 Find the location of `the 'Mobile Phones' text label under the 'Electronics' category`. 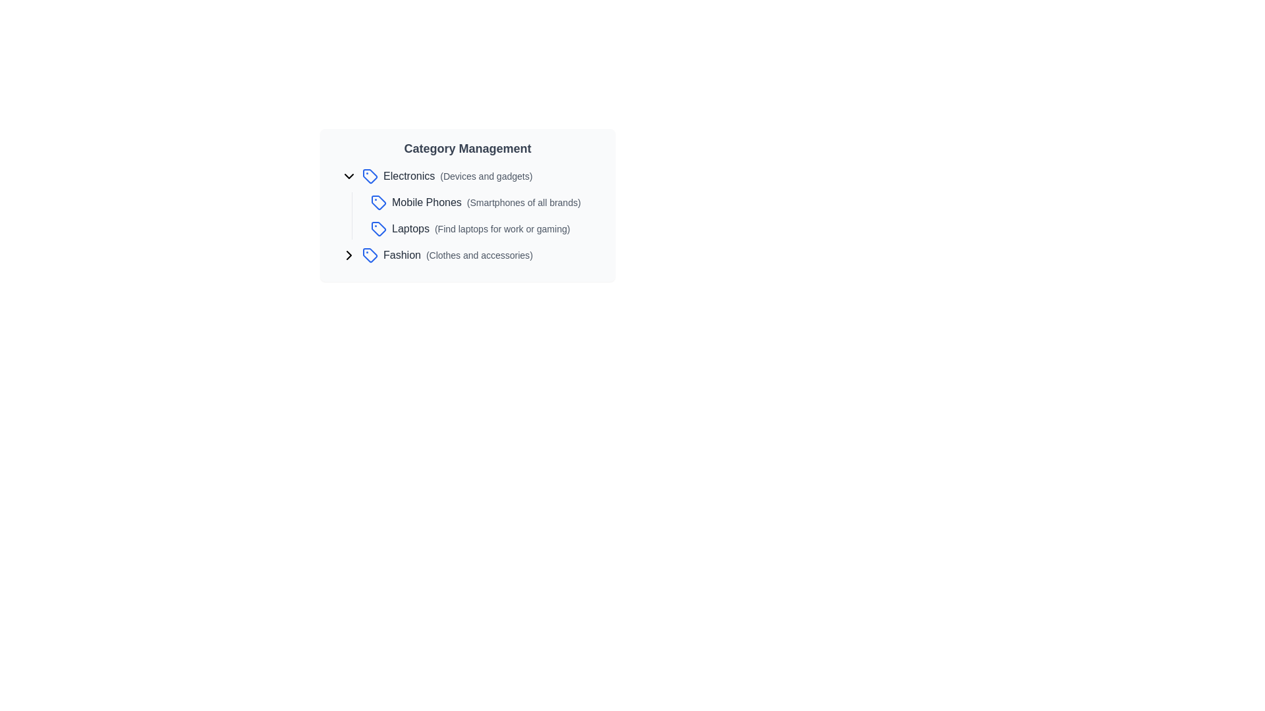

the 'Mobile Phones' text label under the 'Electronics' category is located at coordinates (427, 202).